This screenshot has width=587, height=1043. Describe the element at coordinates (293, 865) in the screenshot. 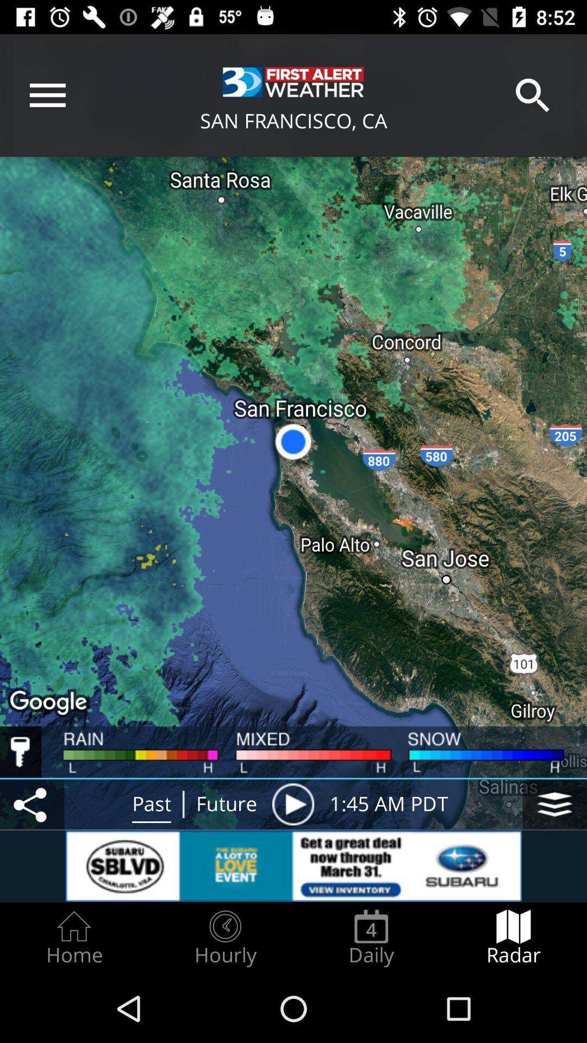

I see `open subaru advertisement` at that location.